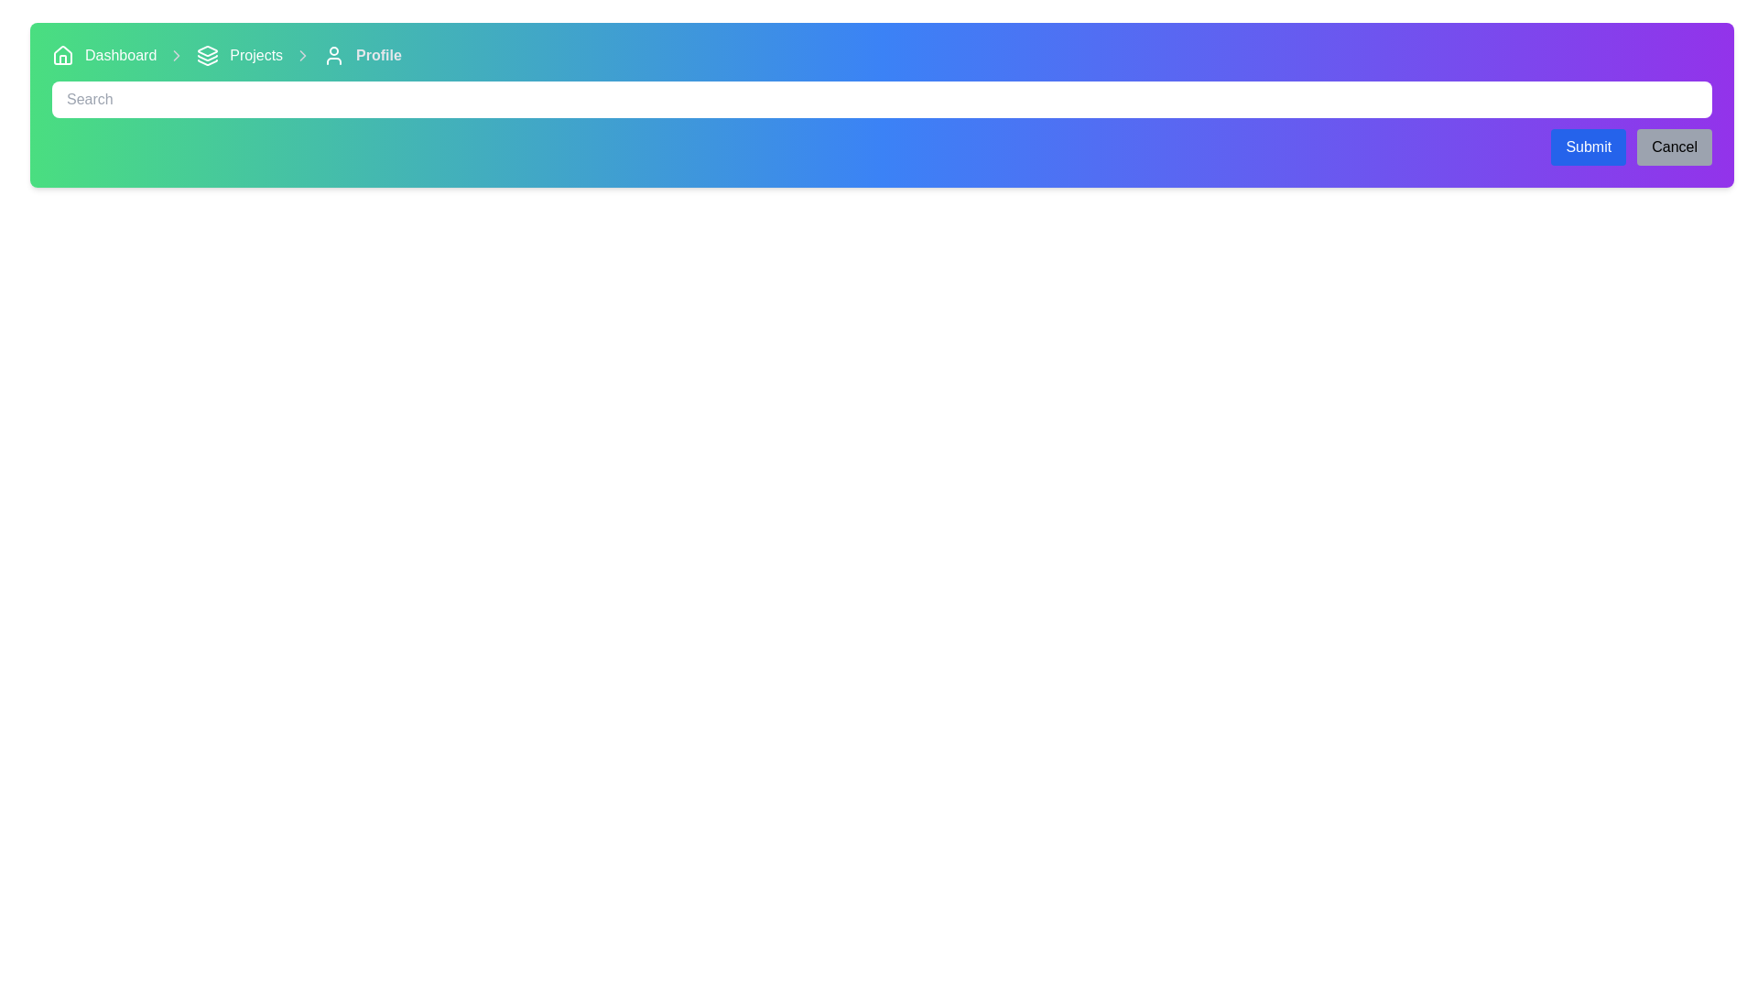  Describe the element at coordinates (177, 55) in the screenshot. I see `the rightward chevron icon in the breadcrumb navigation bar` at that location.